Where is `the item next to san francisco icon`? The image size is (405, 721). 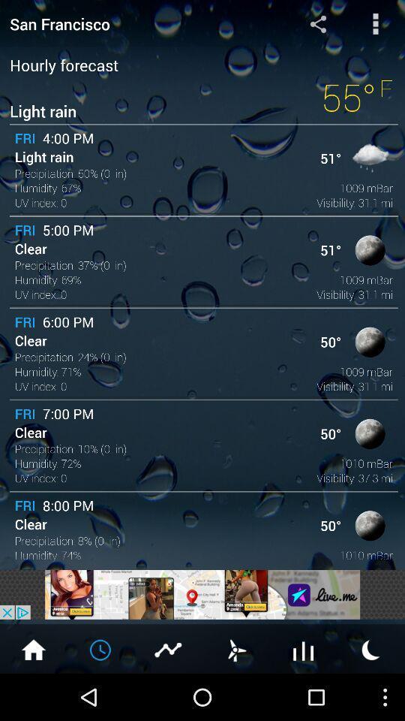
the item next to san francisco icon is located at coordinates (317, 23).